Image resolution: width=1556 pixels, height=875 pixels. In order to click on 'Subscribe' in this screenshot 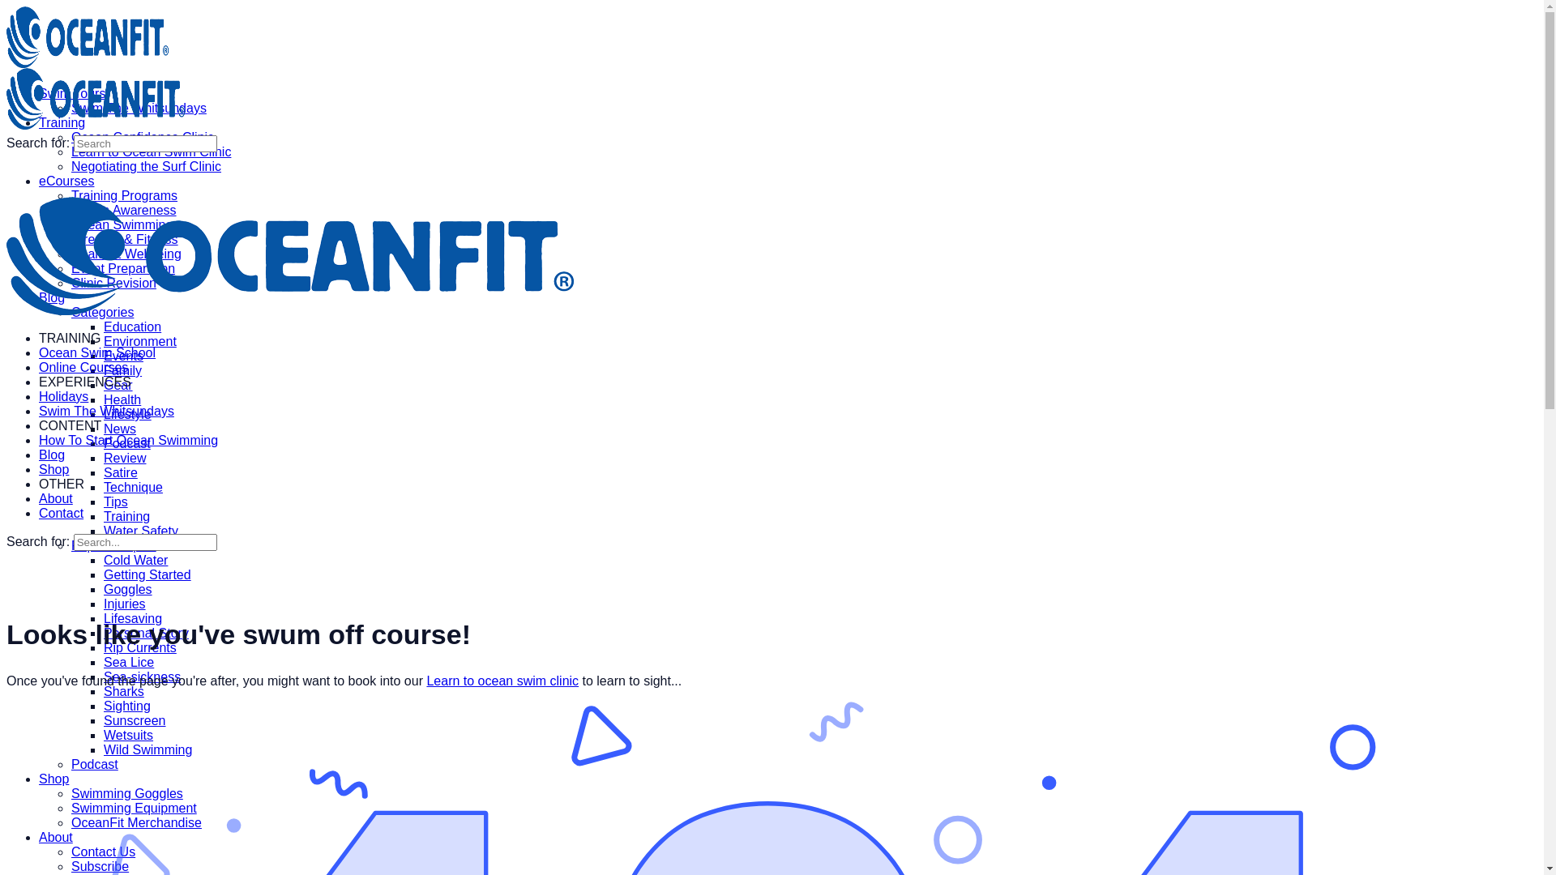, I will do `click(99, 865)`.